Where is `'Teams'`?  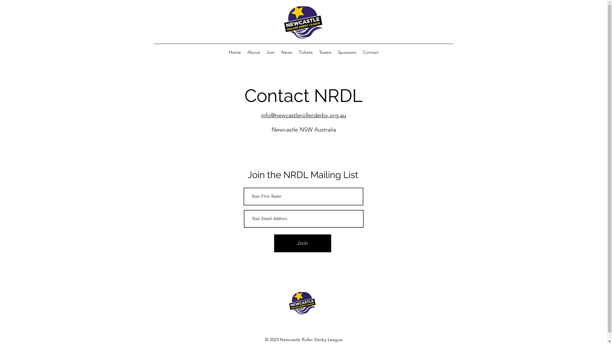 'Teams' is located at coordinates (325, 52).